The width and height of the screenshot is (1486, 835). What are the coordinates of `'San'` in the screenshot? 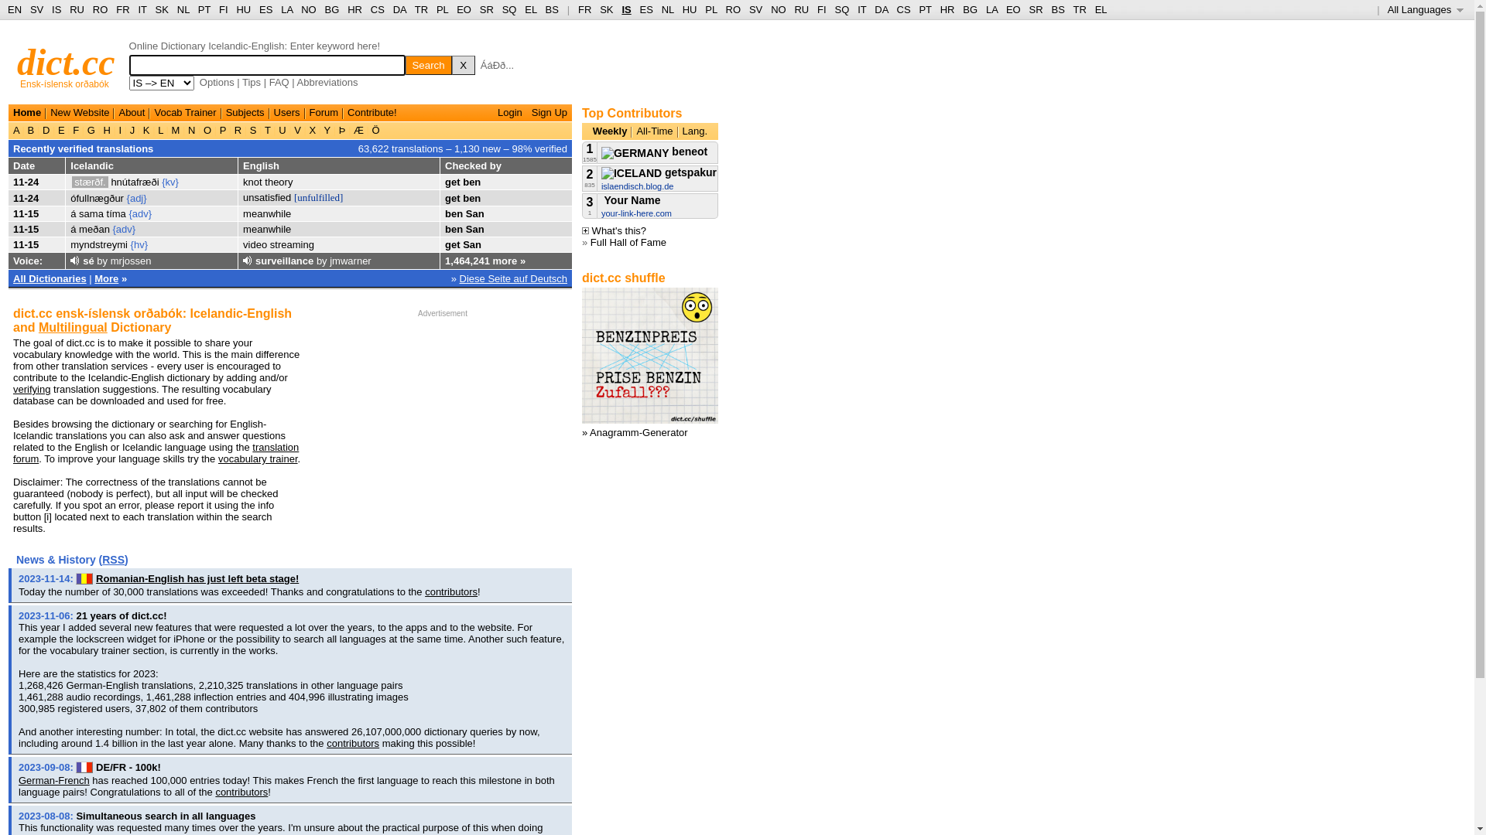 It's located at (464, 229).